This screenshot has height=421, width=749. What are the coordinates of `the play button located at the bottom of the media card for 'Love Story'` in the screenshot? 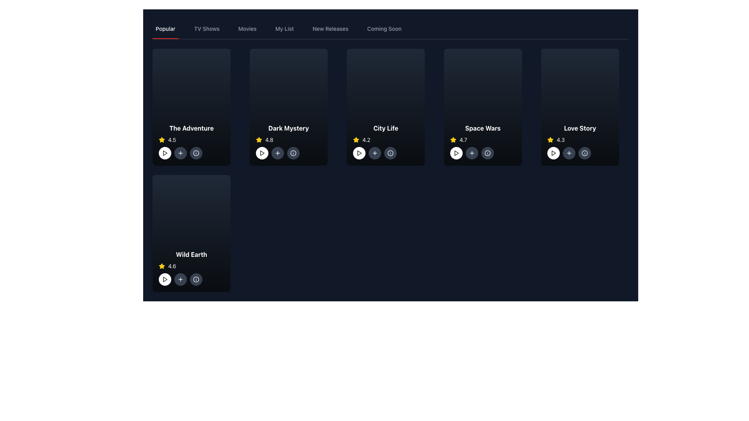 It's located at (553, 153).